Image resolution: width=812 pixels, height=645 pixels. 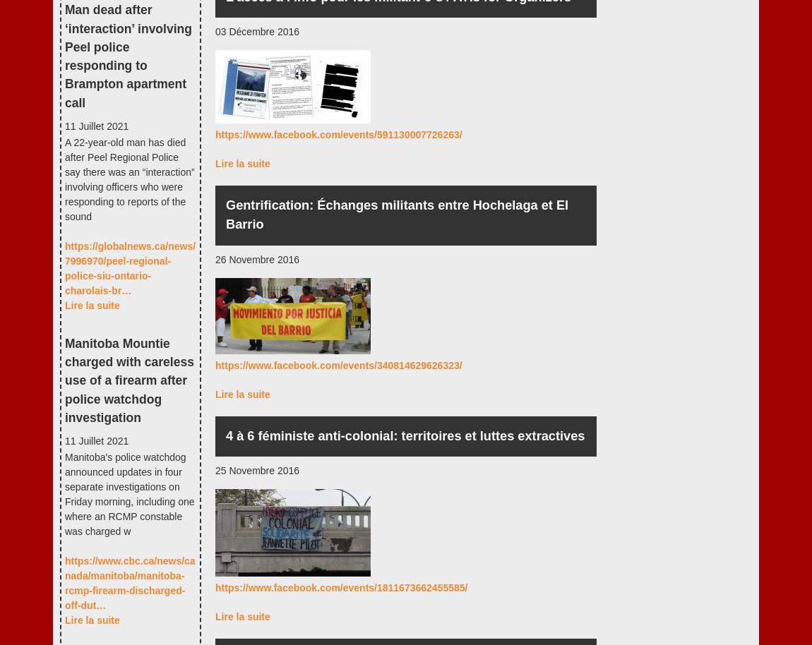 What do you see at coordinates (64, 493) in the screenshot?
I see `'Manitoba's police watchdog announced updates in four separate investigations on Friday morning, including one where an RCMP constable was charged w'` at bounding box center [64, 493].